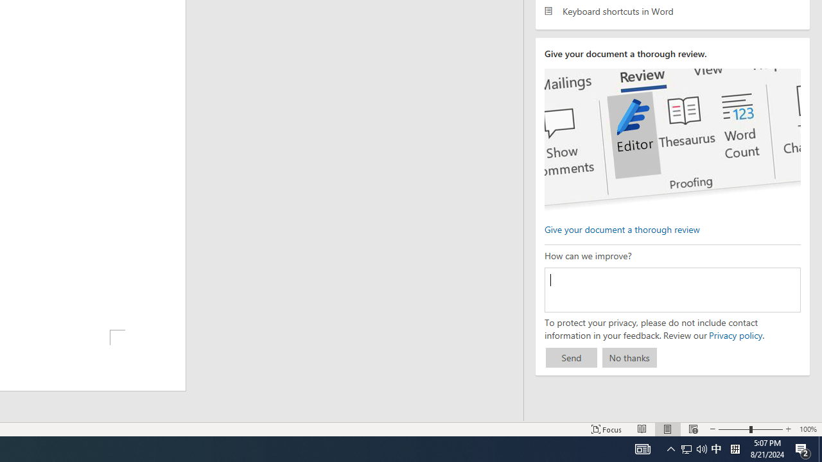 The height and width of the screenshot is (462, 822). I want to click on 'Zoom', so click(750, 429).